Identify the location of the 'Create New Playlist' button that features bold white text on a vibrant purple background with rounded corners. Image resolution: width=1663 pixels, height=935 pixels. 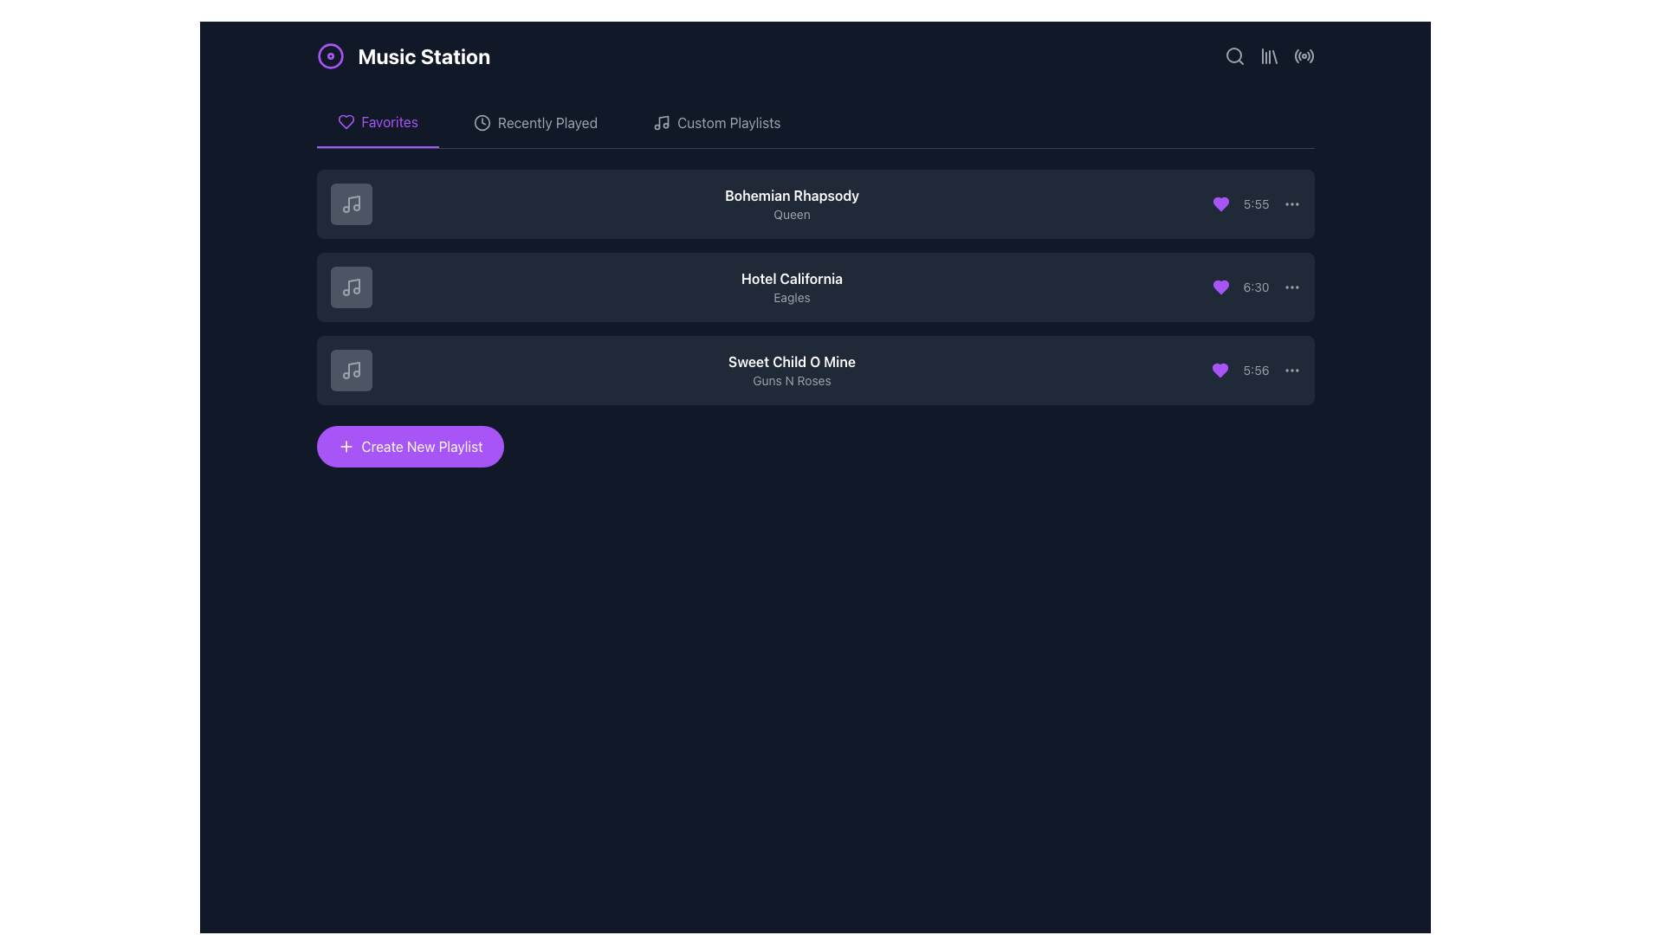
(422, 446).